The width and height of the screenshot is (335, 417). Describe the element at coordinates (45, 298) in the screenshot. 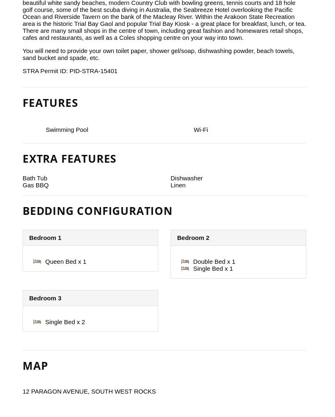

I see `'Bedroom 3'` at that location.